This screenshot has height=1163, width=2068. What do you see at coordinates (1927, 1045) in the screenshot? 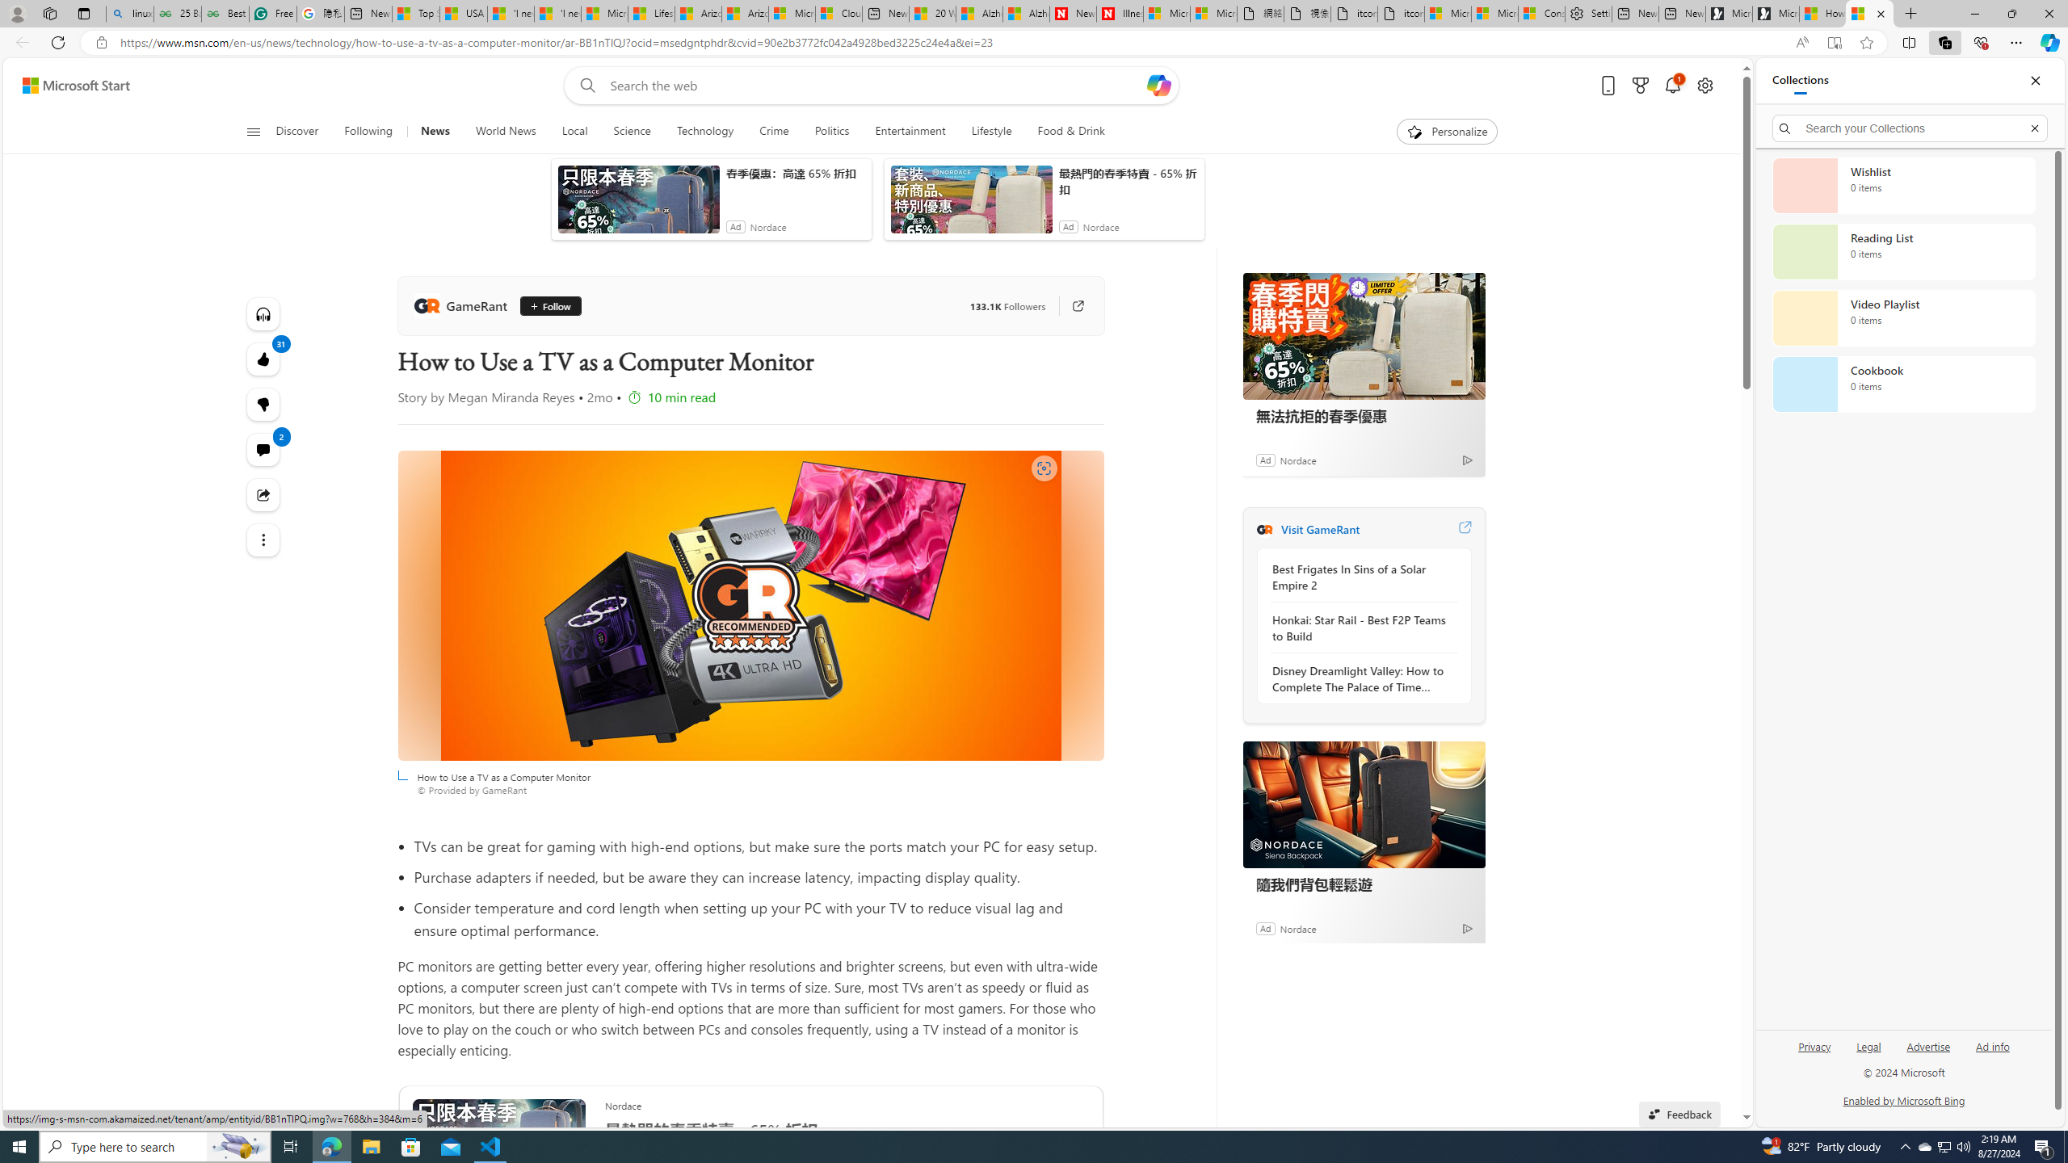
I see `'Advertise'` at bounding box center [1927, 1045].